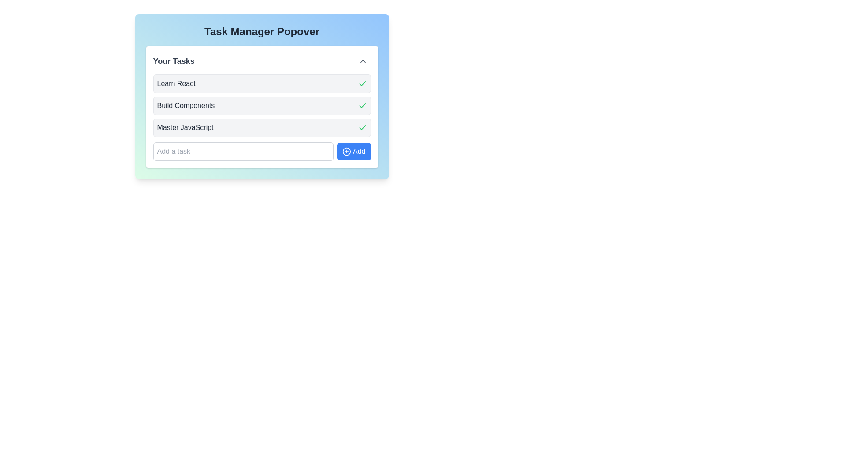  Describe the element at coordinates (176, 83) in the screenshot. I see `the static text label displaying the task title located near the top of the white section under the 'Your Tasks' heading` at that location.